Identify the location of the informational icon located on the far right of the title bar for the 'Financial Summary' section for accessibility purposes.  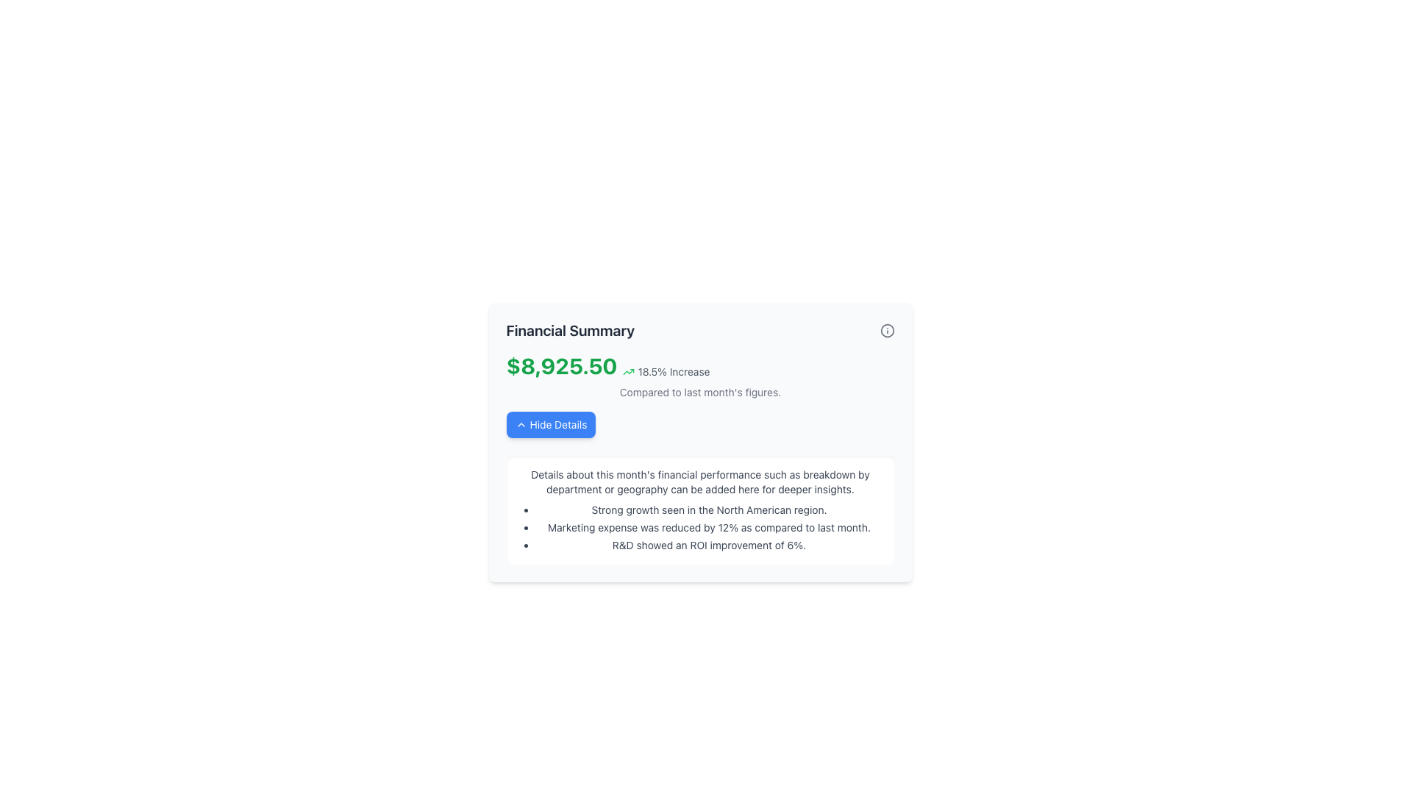
(886, 331).